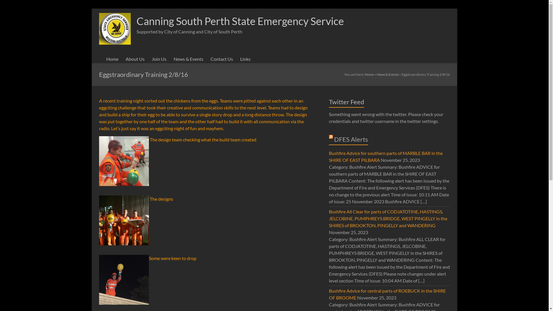 This screenshot has height=311, width=553. I want to click on 'DFES Alerts', so click(351, 139).